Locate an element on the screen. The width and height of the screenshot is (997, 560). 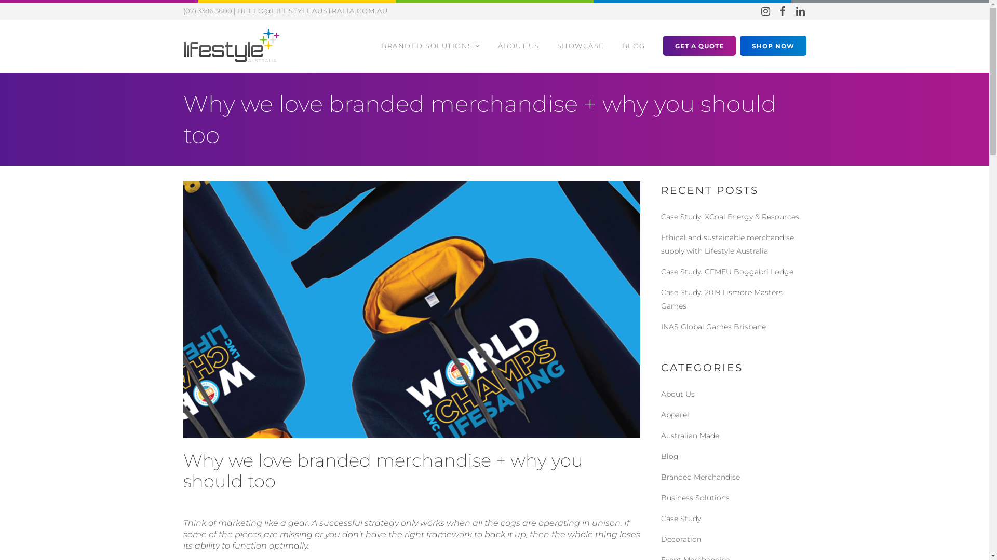
'Apparel' is located at coordinates (675, 414).